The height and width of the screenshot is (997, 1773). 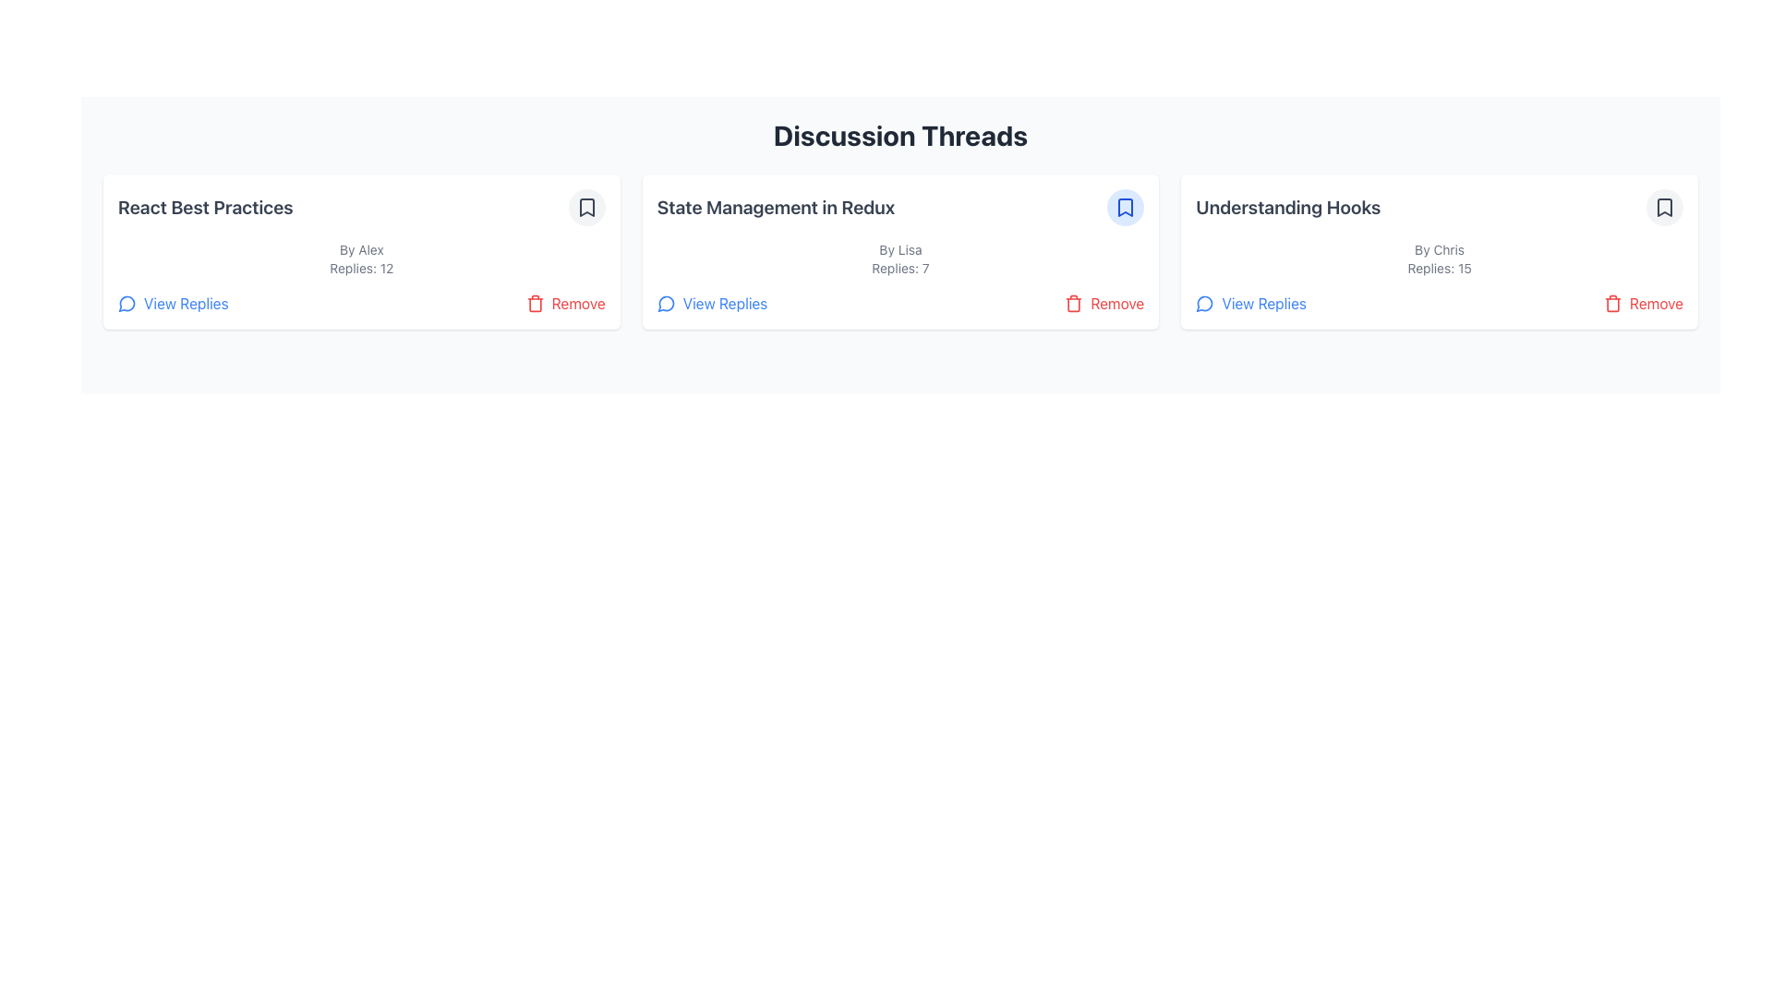 I want to click on the 'Remove' button, which is located in the bottom-right corner of the 'Understanding Hooks' discussion thread section, so click(x=1644, y=302).